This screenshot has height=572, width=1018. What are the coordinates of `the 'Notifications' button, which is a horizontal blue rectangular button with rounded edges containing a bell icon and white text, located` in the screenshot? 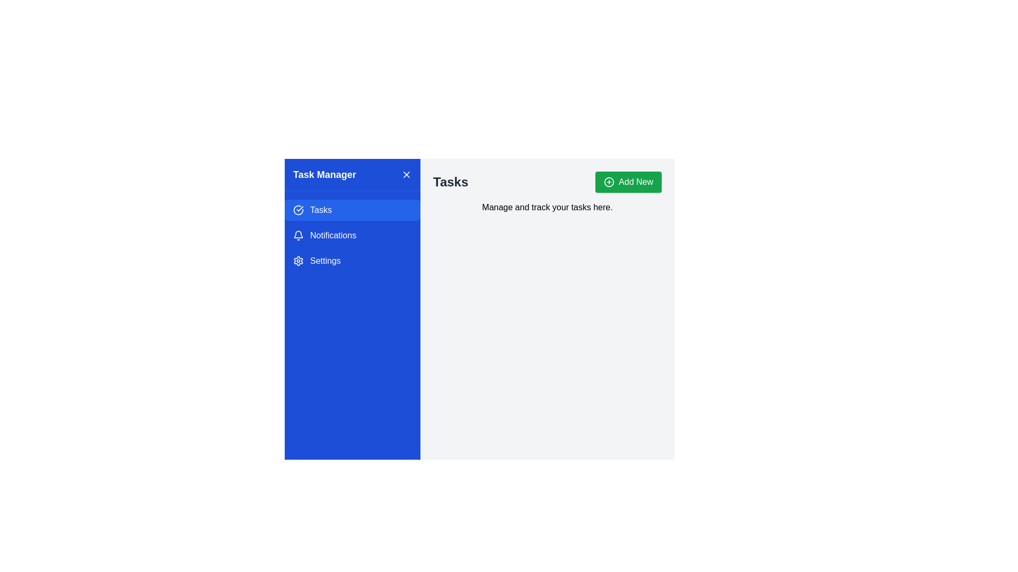 It's located at (353, 235).